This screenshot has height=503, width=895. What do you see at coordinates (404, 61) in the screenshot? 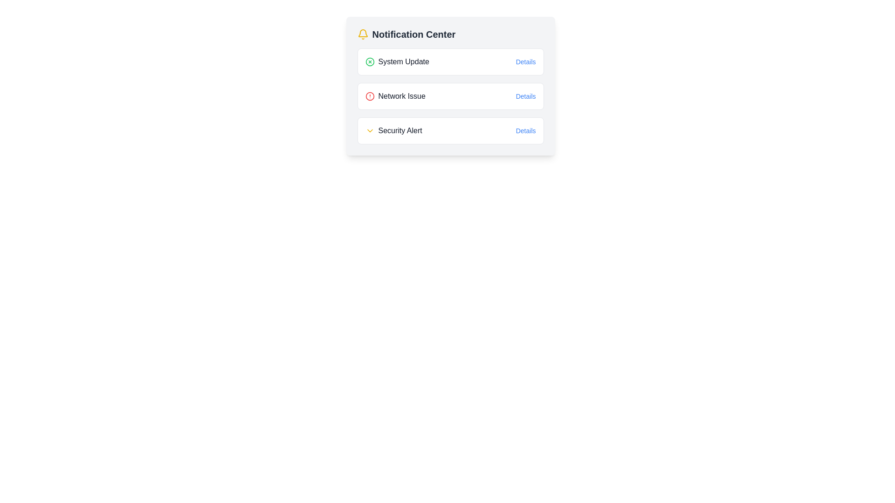
I see `text label that serves as the title for the first notification item in the Notification Center, which is accompanied by a green circular icon to its left` at bounding box center [404, 61].